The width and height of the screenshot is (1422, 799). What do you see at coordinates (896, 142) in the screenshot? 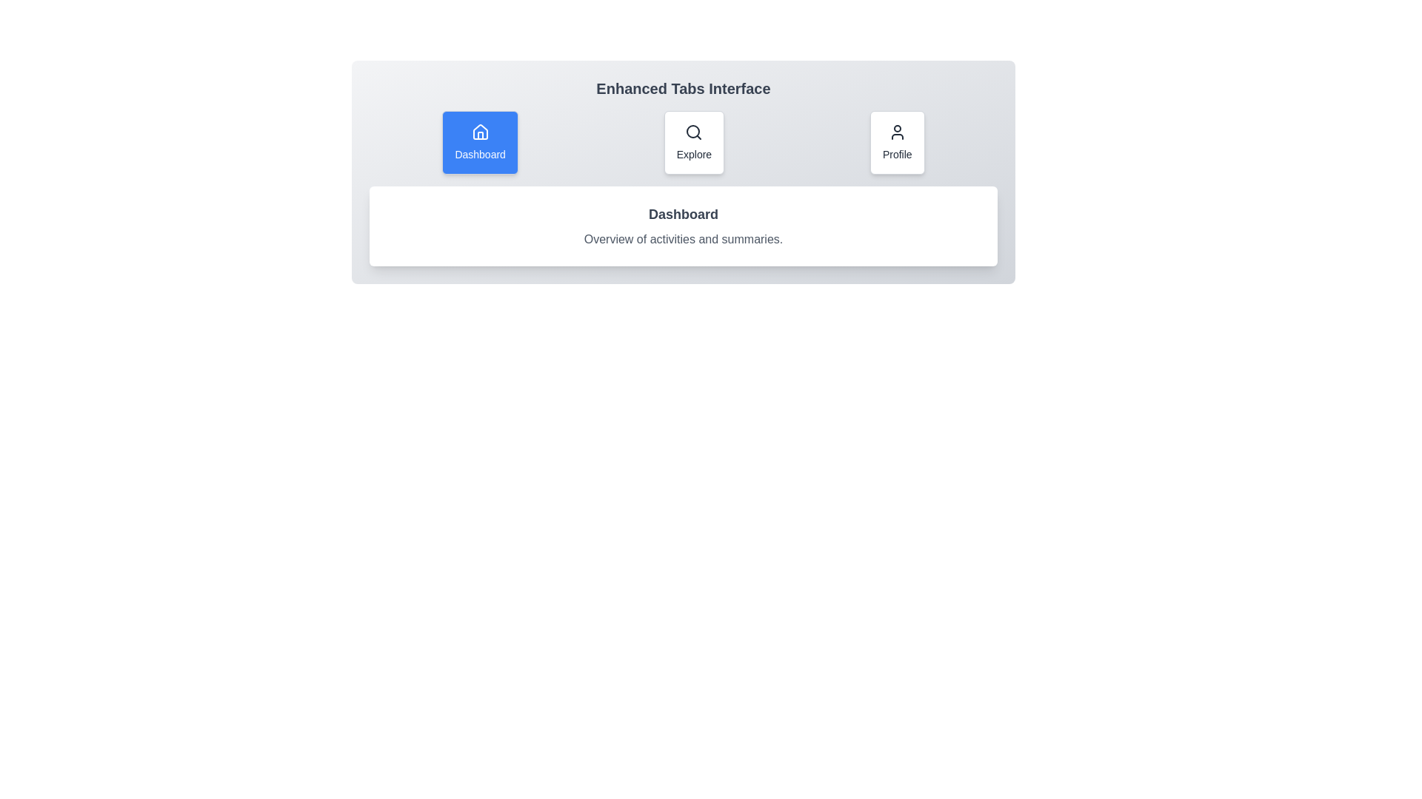
I see `the Profile tab by clicking the corresponding button` at bounding box center [896, 142].